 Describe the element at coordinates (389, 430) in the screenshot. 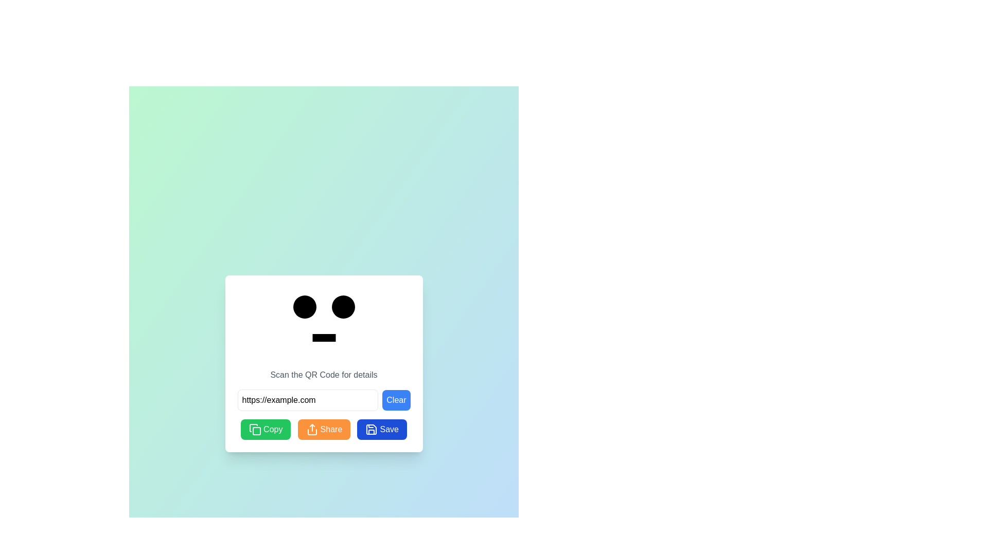

I see `the 'Save' button, which is located at the bottom-right corner of the interface and includes a disk icon and the text 'Save', to perform a save action` at that location.